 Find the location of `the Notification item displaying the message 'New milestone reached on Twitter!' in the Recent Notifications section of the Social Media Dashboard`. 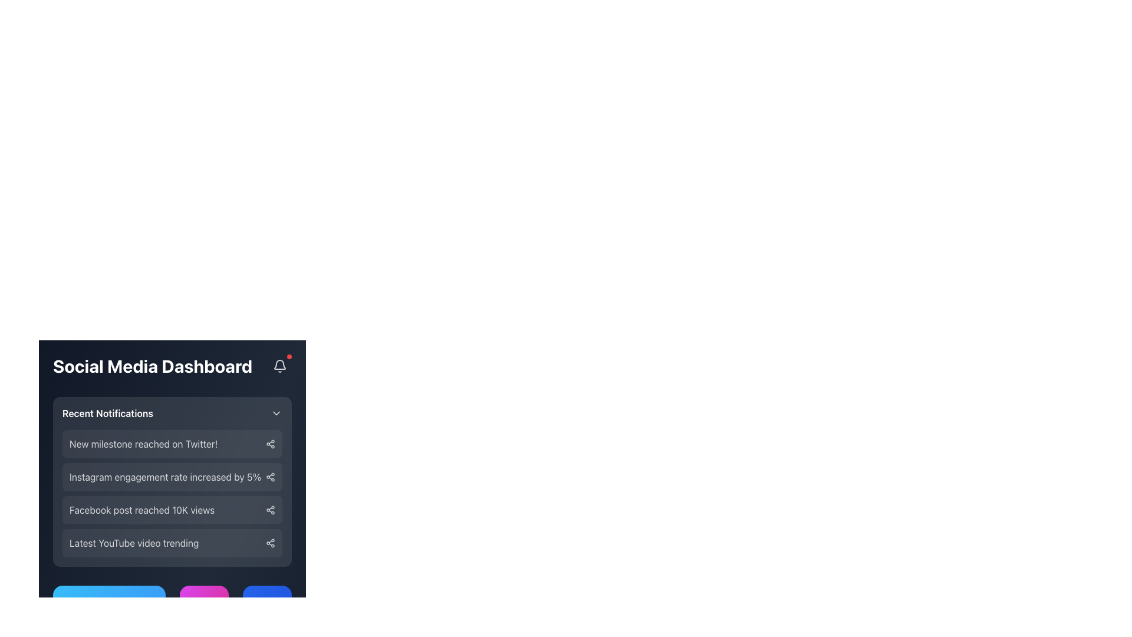

the Notification item displaying the message 'New milestone reached on Twitter!' in the Recent Notifications section of the Social Media Dashboard is located at coordinates (172, 444).